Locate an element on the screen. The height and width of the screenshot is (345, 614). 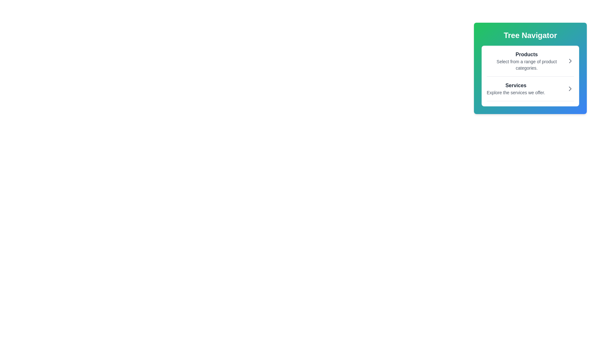
the static text element displaying 'Explore the services we offer.', which is located below the 'Services' text in the 'Tree Navigator' section is located at coordinates (516, 92).